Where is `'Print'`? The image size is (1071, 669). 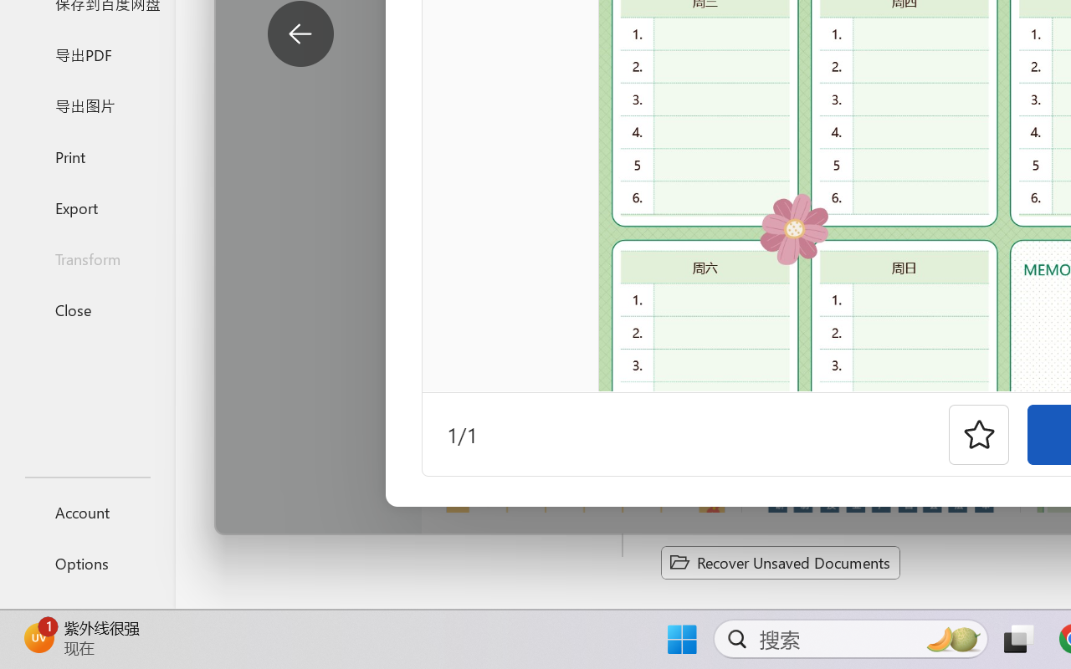
'Print' is located at coordinates (86, 156).